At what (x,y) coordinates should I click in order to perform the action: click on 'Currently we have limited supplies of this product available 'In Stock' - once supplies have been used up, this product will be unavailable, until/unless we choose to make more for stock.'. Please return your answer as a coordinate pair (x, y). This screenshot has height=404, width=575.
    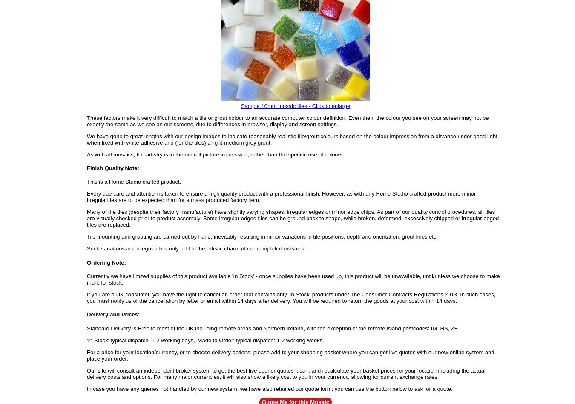
    Looking at the image, I should click on (293, 279).